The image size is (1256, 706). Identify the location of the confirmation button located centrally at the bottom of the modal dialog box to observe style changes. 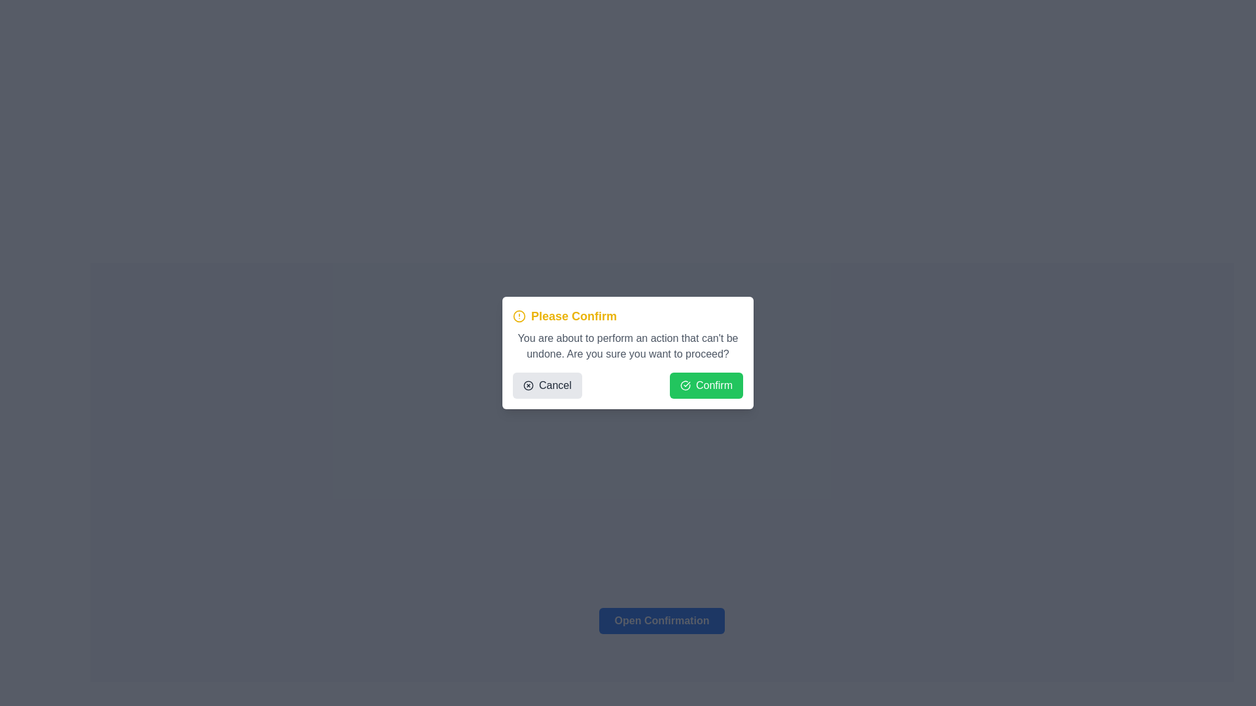
(662, 620).